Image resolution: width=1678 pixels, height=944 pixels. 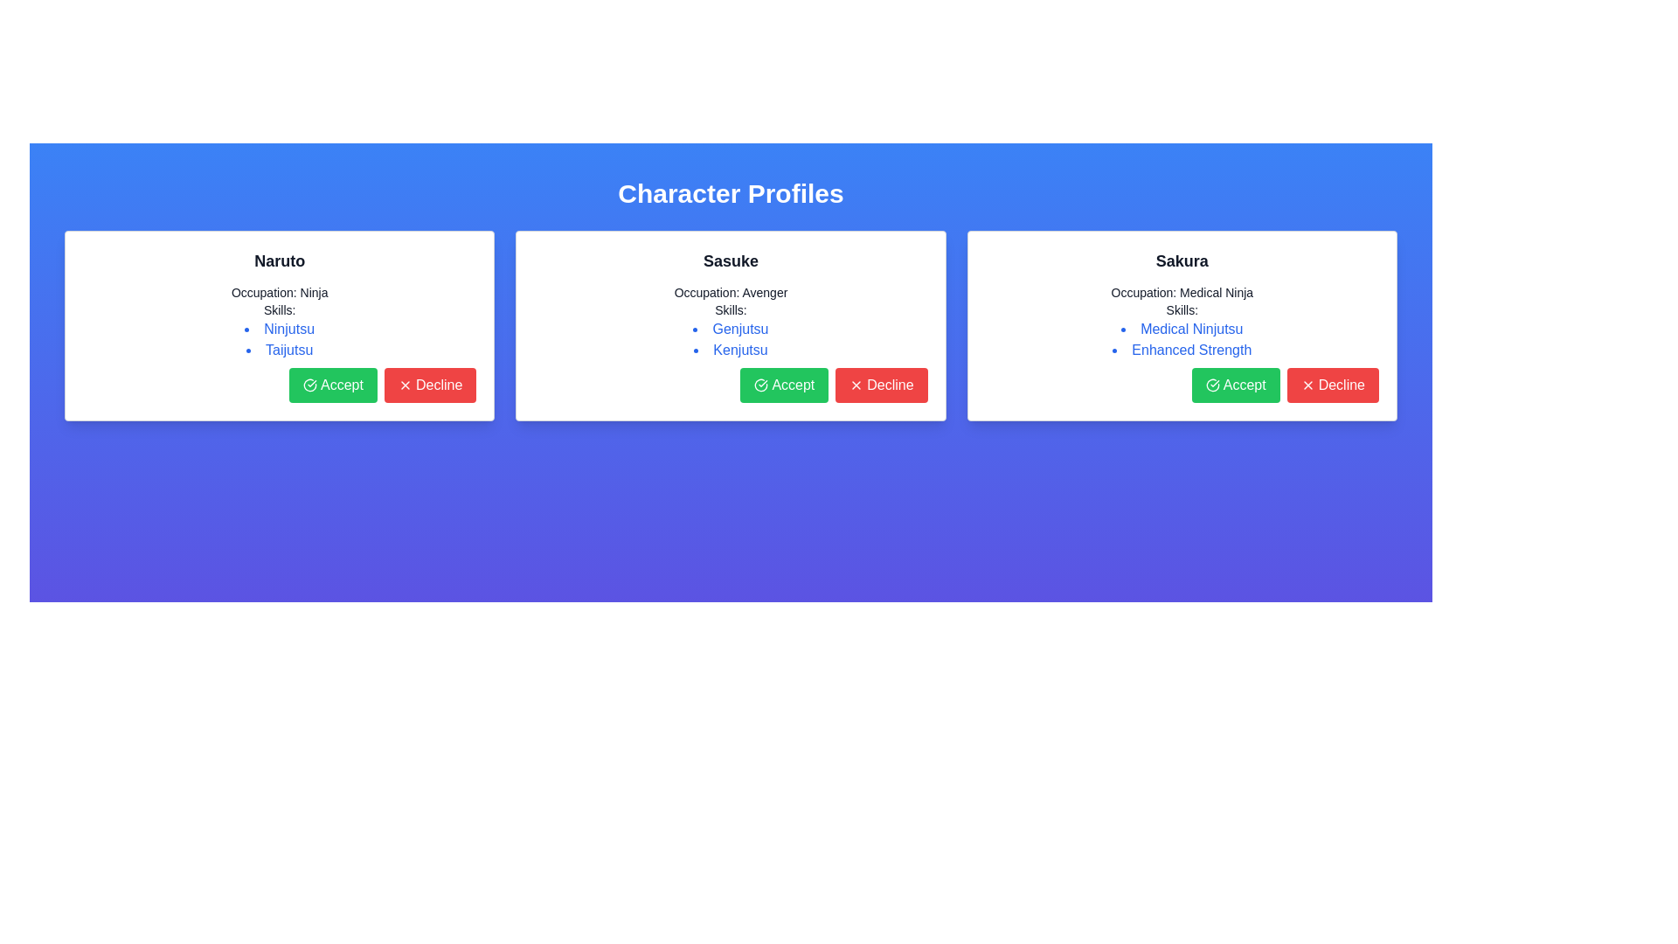 I want to click on the circular icon with a checkmark at its center, which is styled with a green background and a white border, located inside the 'Accept' button on the 'Sakura' card, so click(x=1211, y=384).